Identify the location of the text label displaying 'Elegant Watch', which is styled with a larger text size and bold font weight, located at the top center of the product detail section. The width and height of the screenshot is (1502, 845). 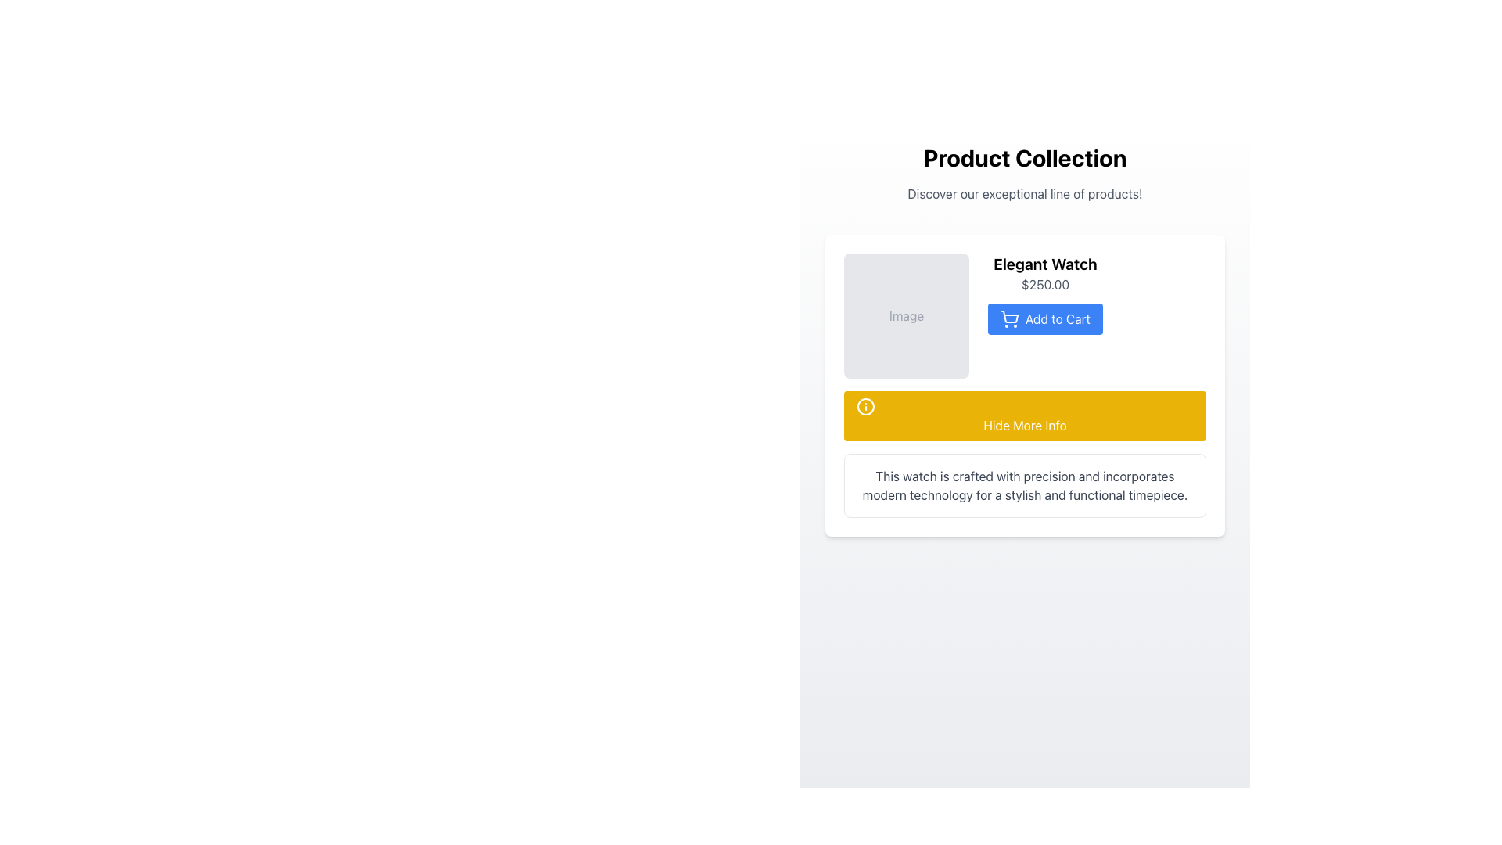
(1045, 264).